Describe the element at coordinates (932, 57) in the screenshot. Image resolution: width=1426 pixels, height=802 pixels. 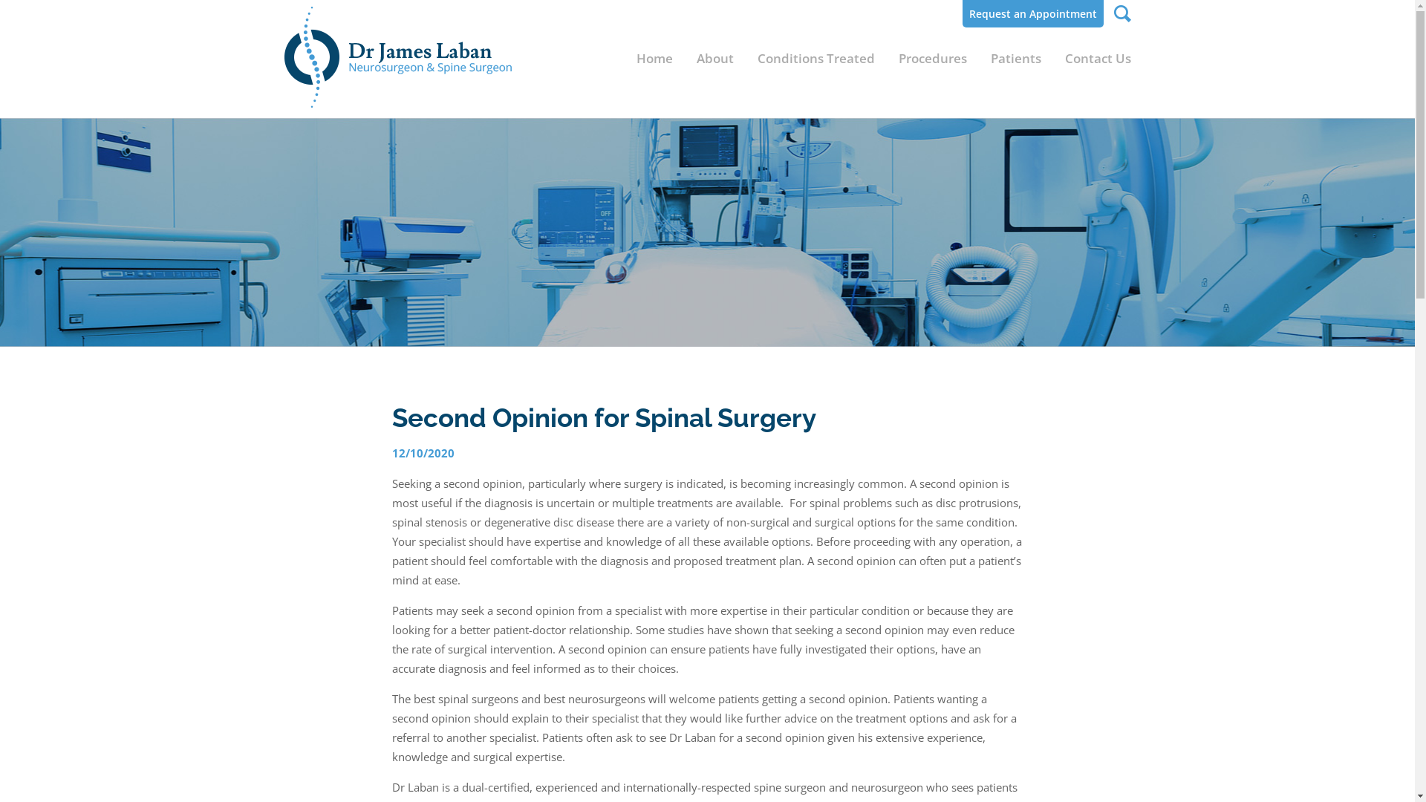
I see `'Procedures'` at that location.